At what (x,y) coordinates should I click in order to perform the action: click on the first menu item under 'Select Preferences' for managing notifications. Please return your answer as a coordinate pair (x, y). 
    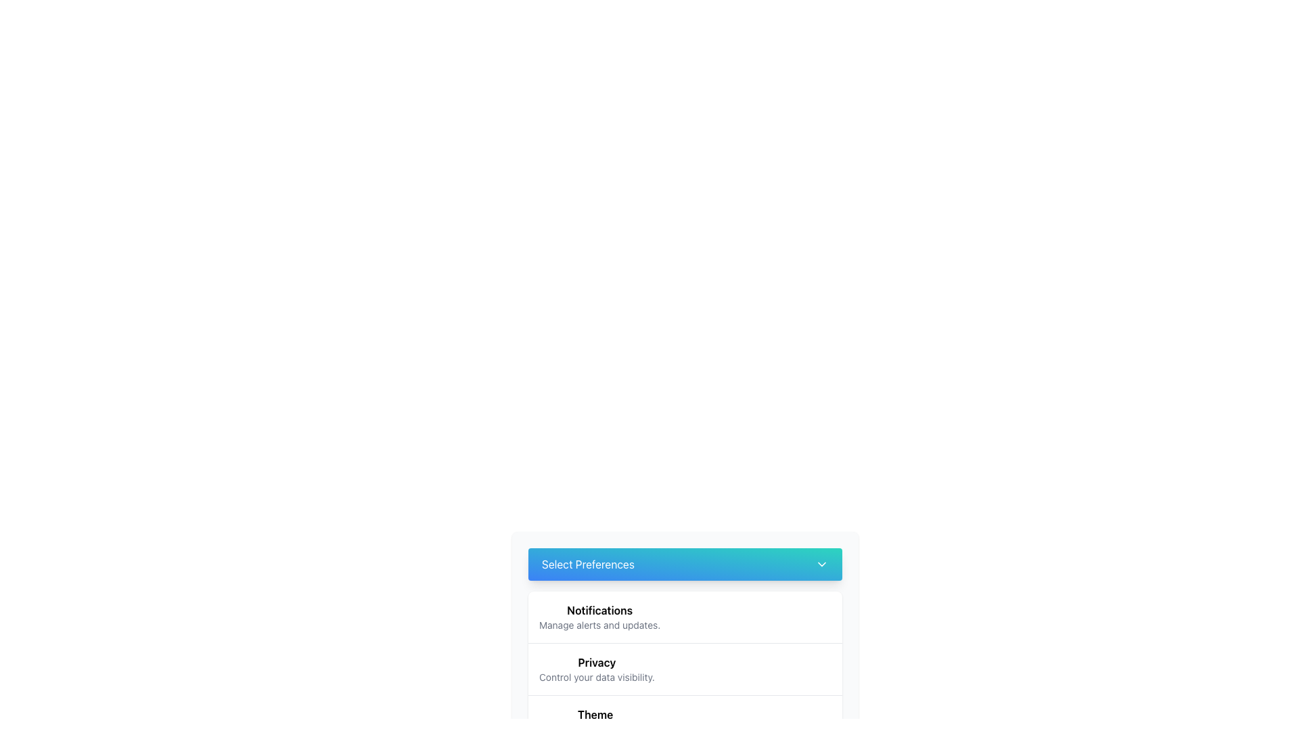
    Looking at the image, I should click on (685, 617).